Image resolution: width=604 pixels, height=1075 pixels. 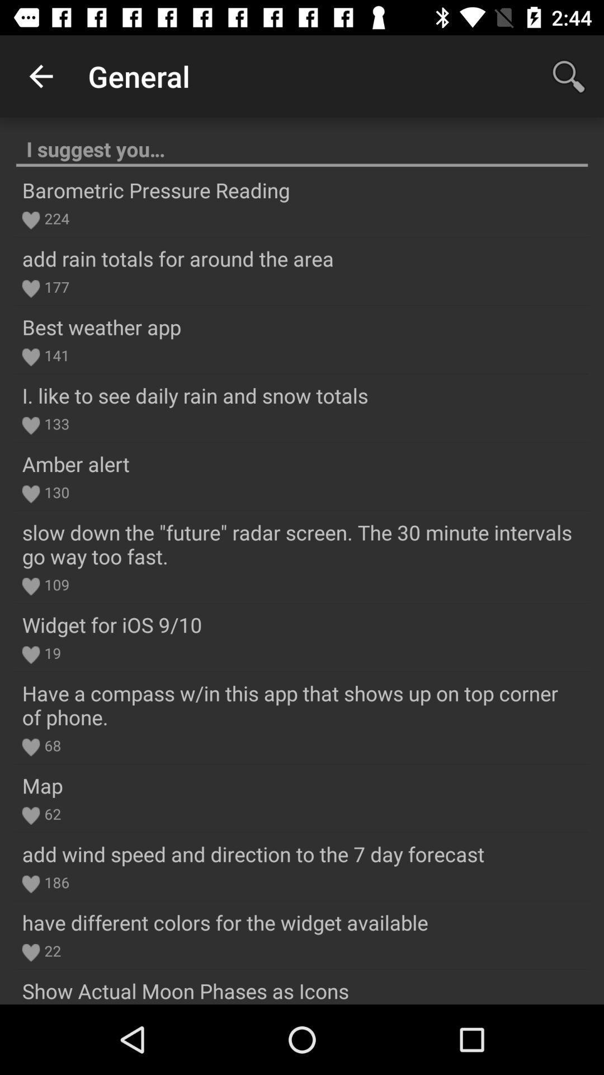 I want to click on map, so click(x=42, y=785).